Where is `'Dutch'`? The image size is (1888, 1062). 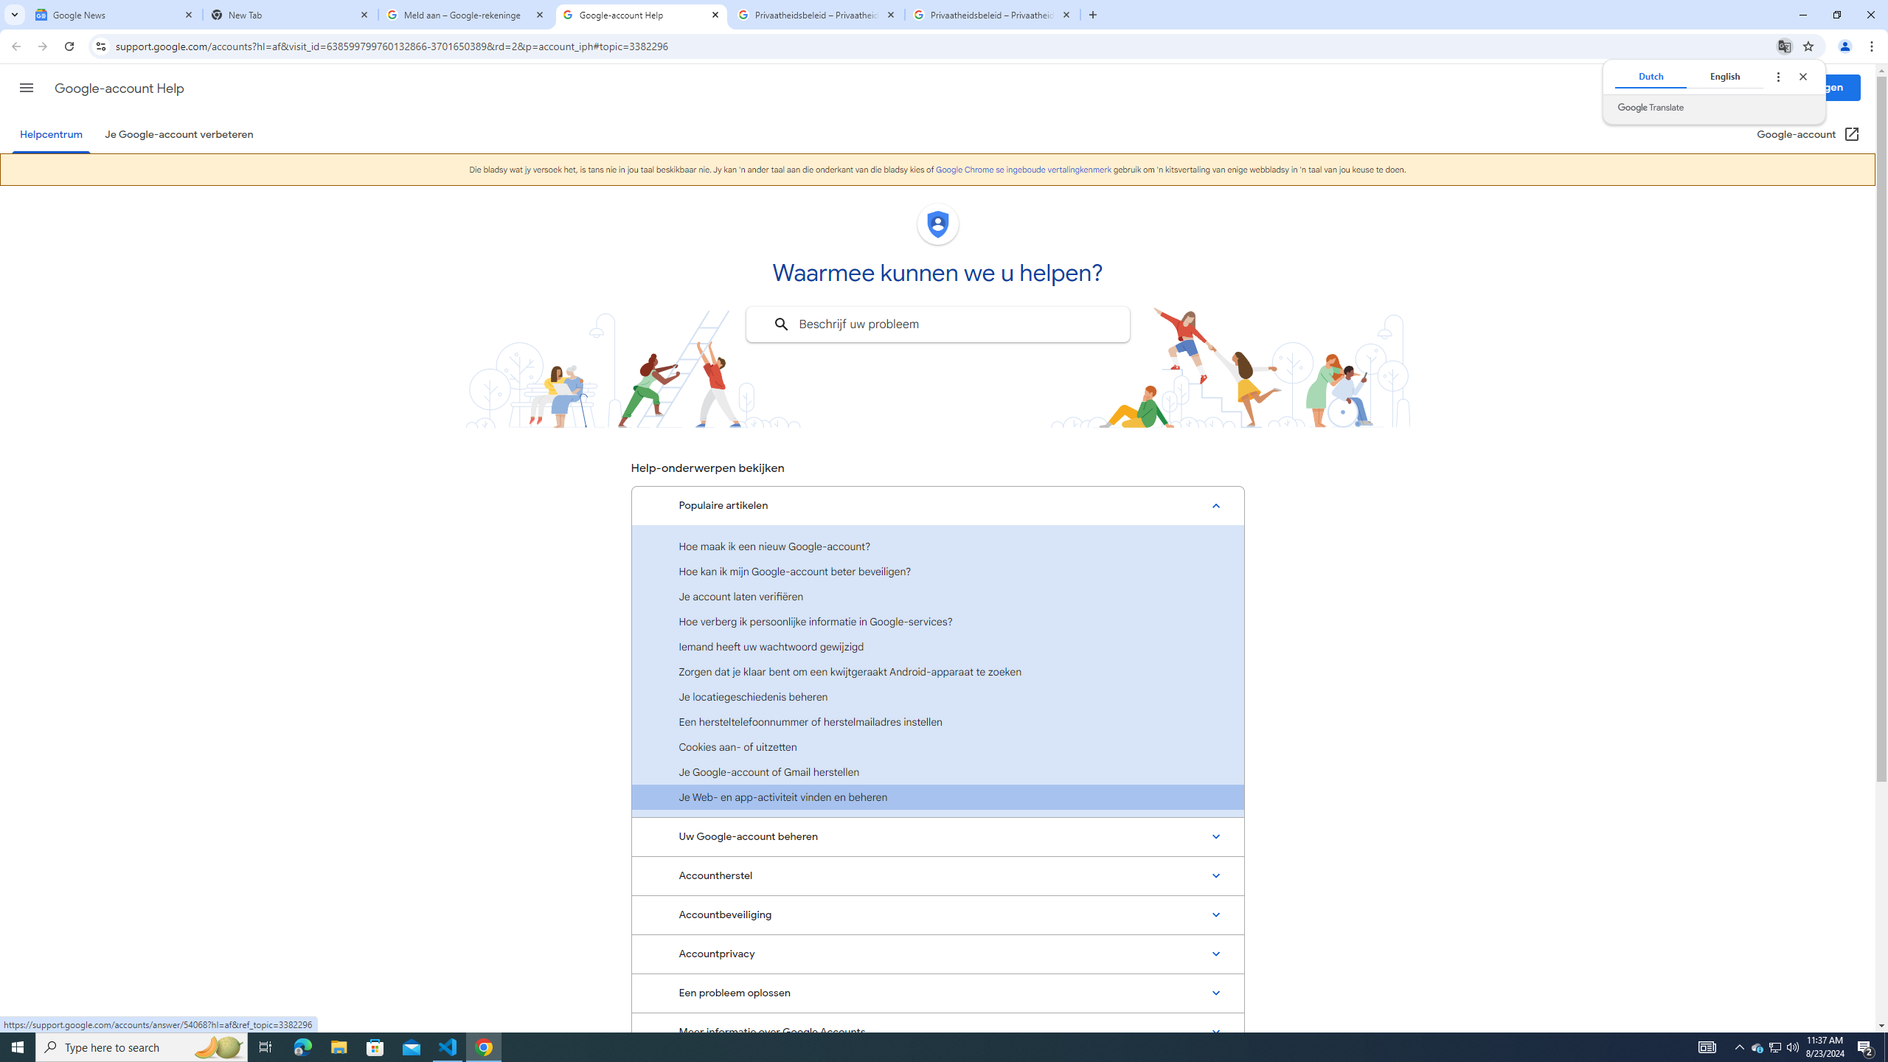
'Dutch' is located at coordinates (1650, 76).